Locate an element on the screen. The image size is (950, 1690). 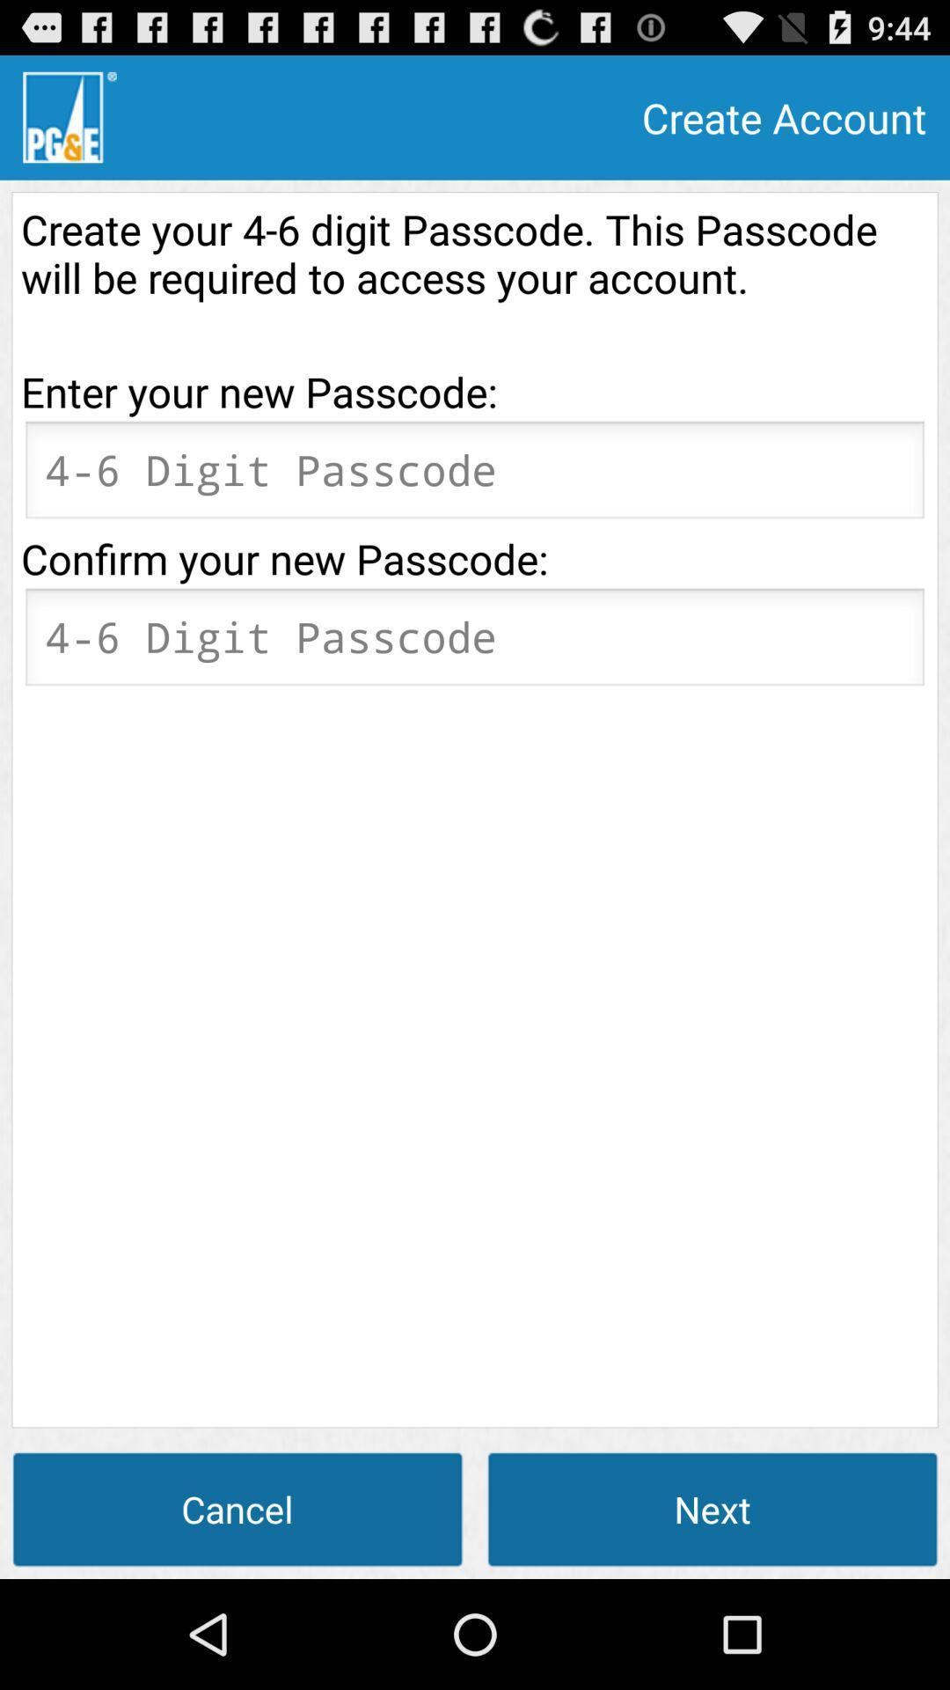
new password is located at coordinates (475, 474).